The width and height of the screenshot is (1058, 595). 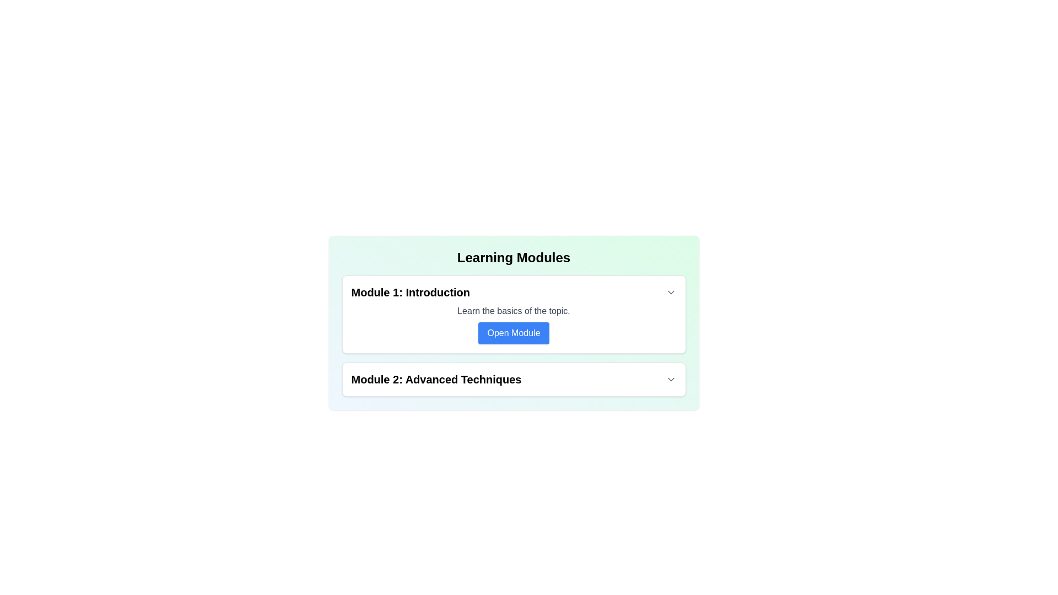 What do you see at coordinates (513, 379) in the screenshot?
I see `the dropdown arrow associated with the 'Module 2: Advanced Techniques' text display` at bounding box center [513, 379].